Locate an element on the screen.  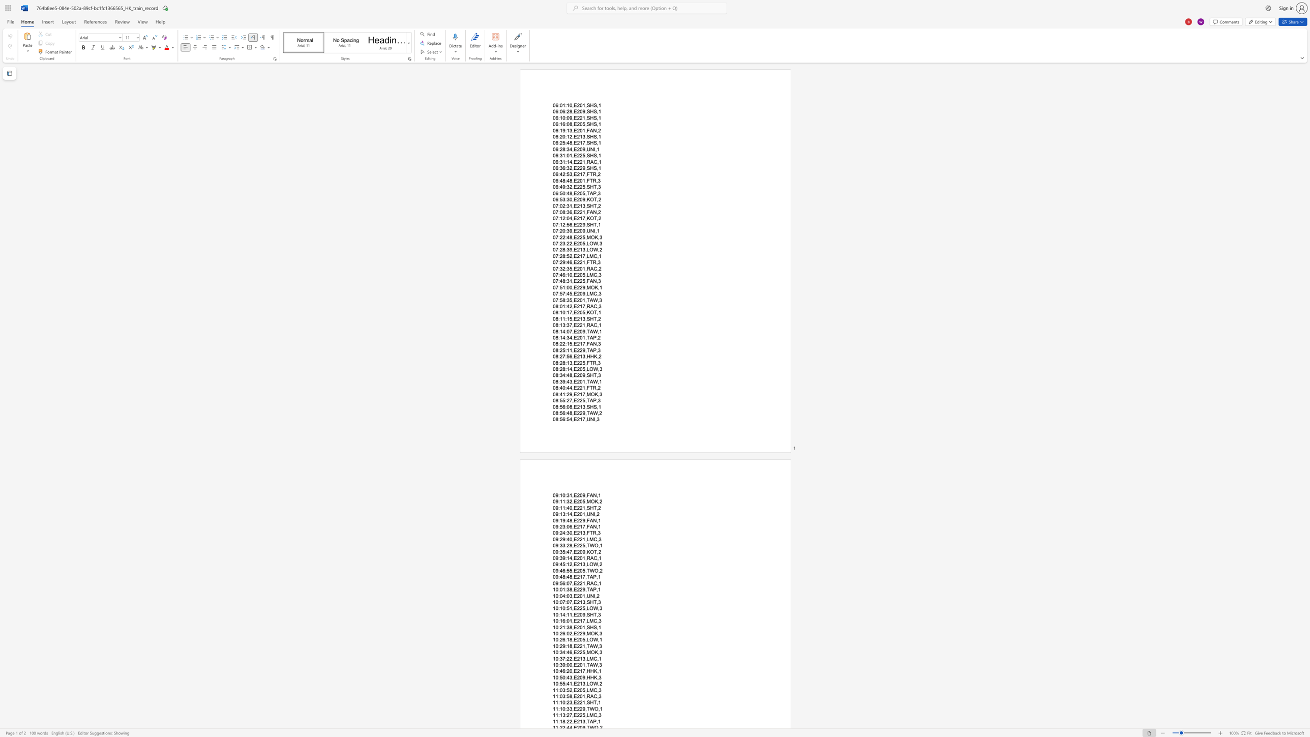
the space between the continuous character "0" and ":" in the text is located at coordinates (565, 192).